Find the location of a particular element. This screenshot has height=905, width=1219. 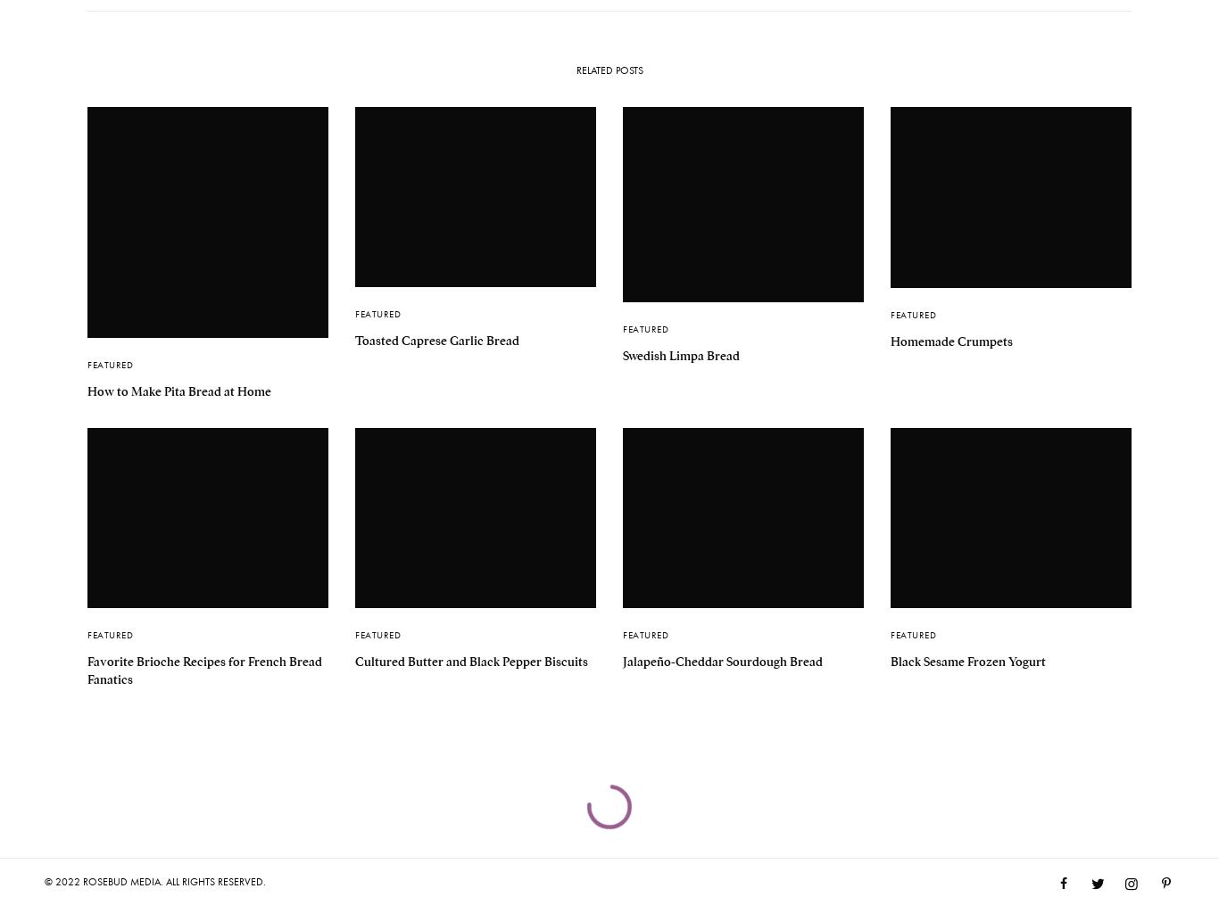

'Related Posts' is located at coordinates (608, 69).